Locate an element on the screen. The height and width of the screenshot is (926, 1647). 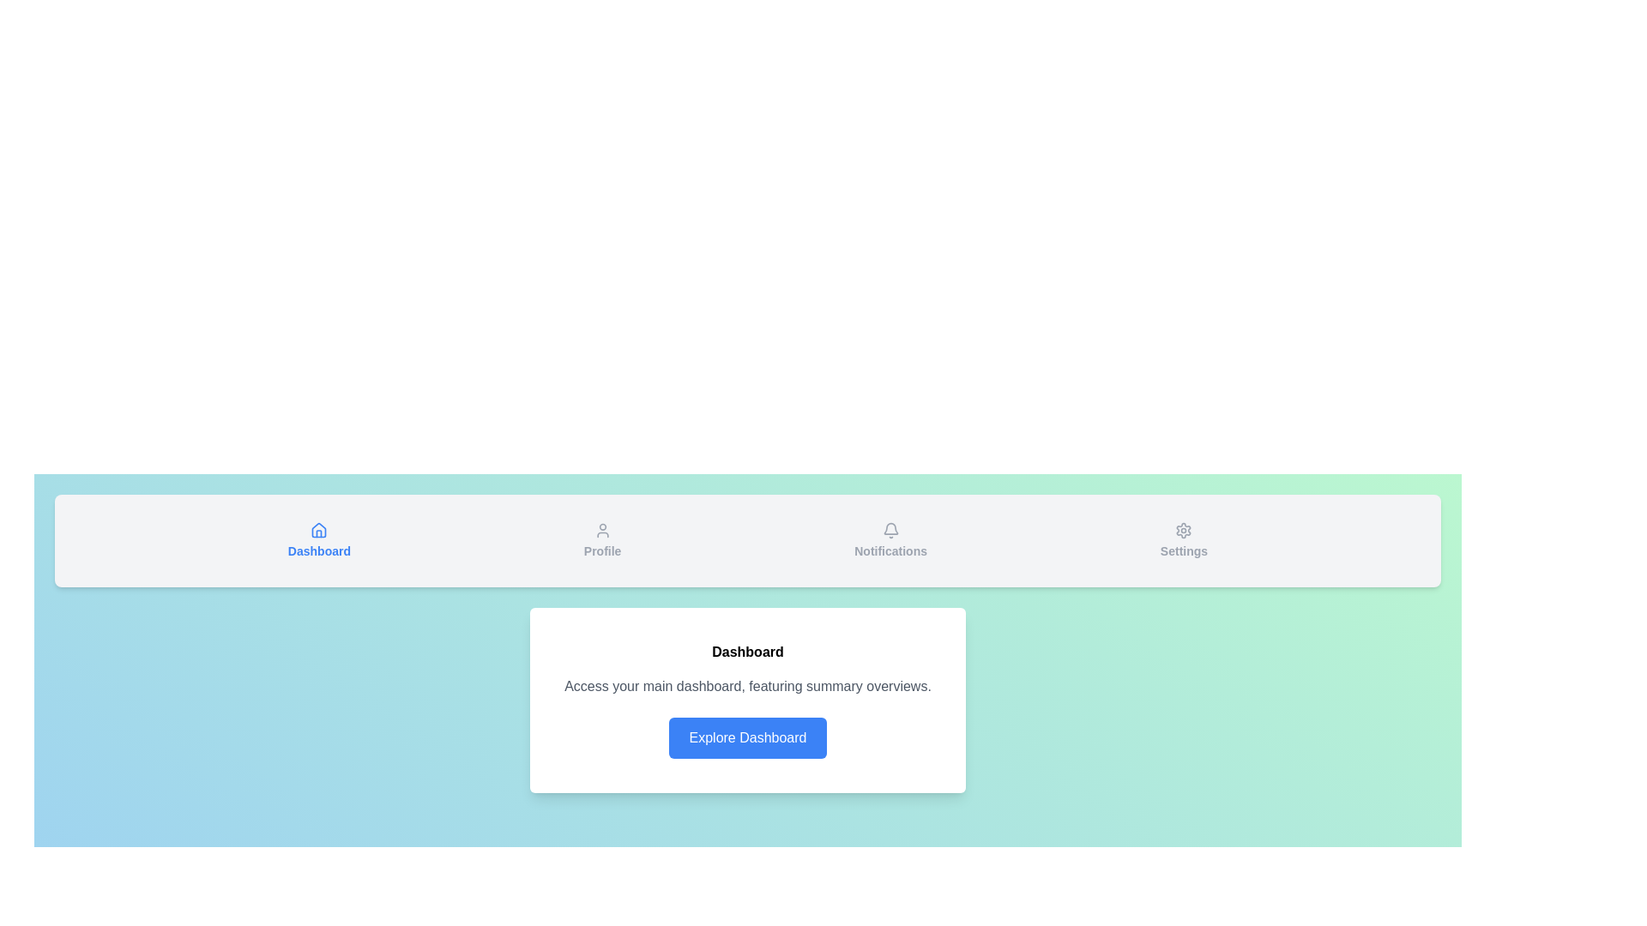
the tab labeled Profile to see its hover effects is located at coordinates (601, 541).